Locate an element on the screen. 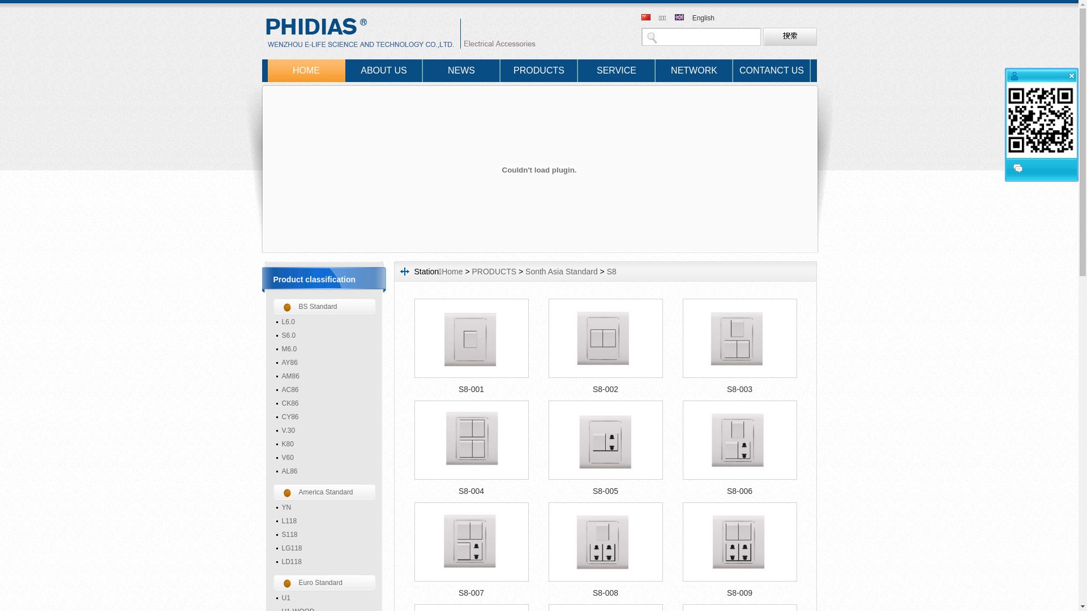  'PRODUCTS' is located at coordinates (499, 70).